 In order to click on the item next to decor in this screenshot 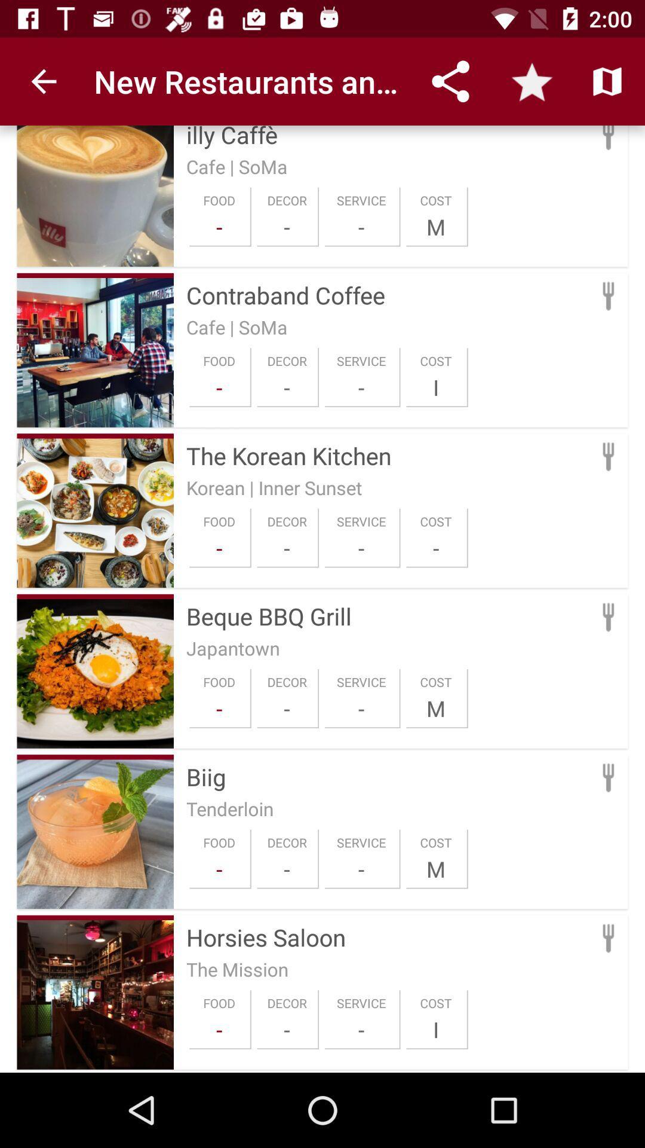, I will do `click(219, 869)`.